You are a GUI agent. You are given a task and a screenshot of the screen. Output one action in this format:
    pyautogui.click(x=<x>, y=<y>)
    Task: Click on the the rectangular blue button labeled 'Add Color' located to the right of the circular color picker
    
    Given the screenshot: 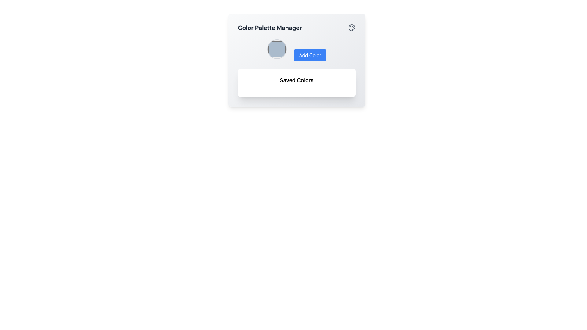 What is the action you would take?
    pyautogui.click(x=297, y=50)
    